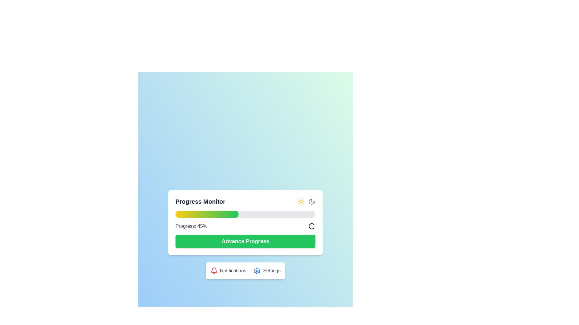 This screenshot has height=325, width=579. I want to click on the spinning icon located below the progress bar and above the 'Advance Progress' button, so click(245, 226).